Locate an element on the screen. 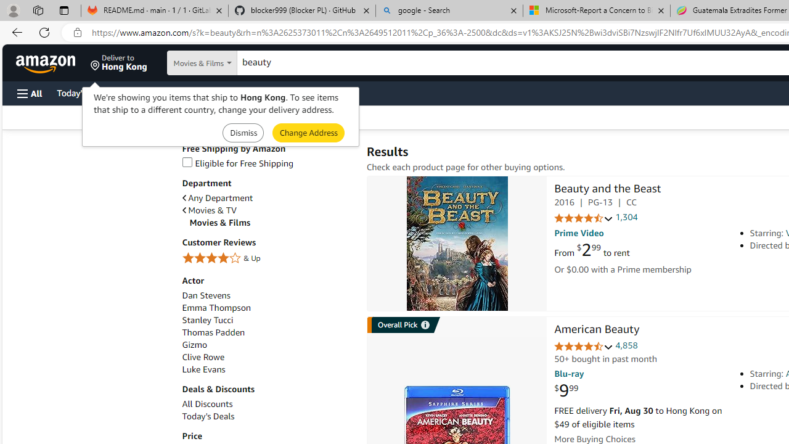 Image resolution: width=789 pixels, height=444 pixels. 'Stanley Tucci' is located at coordinates (207, 319).